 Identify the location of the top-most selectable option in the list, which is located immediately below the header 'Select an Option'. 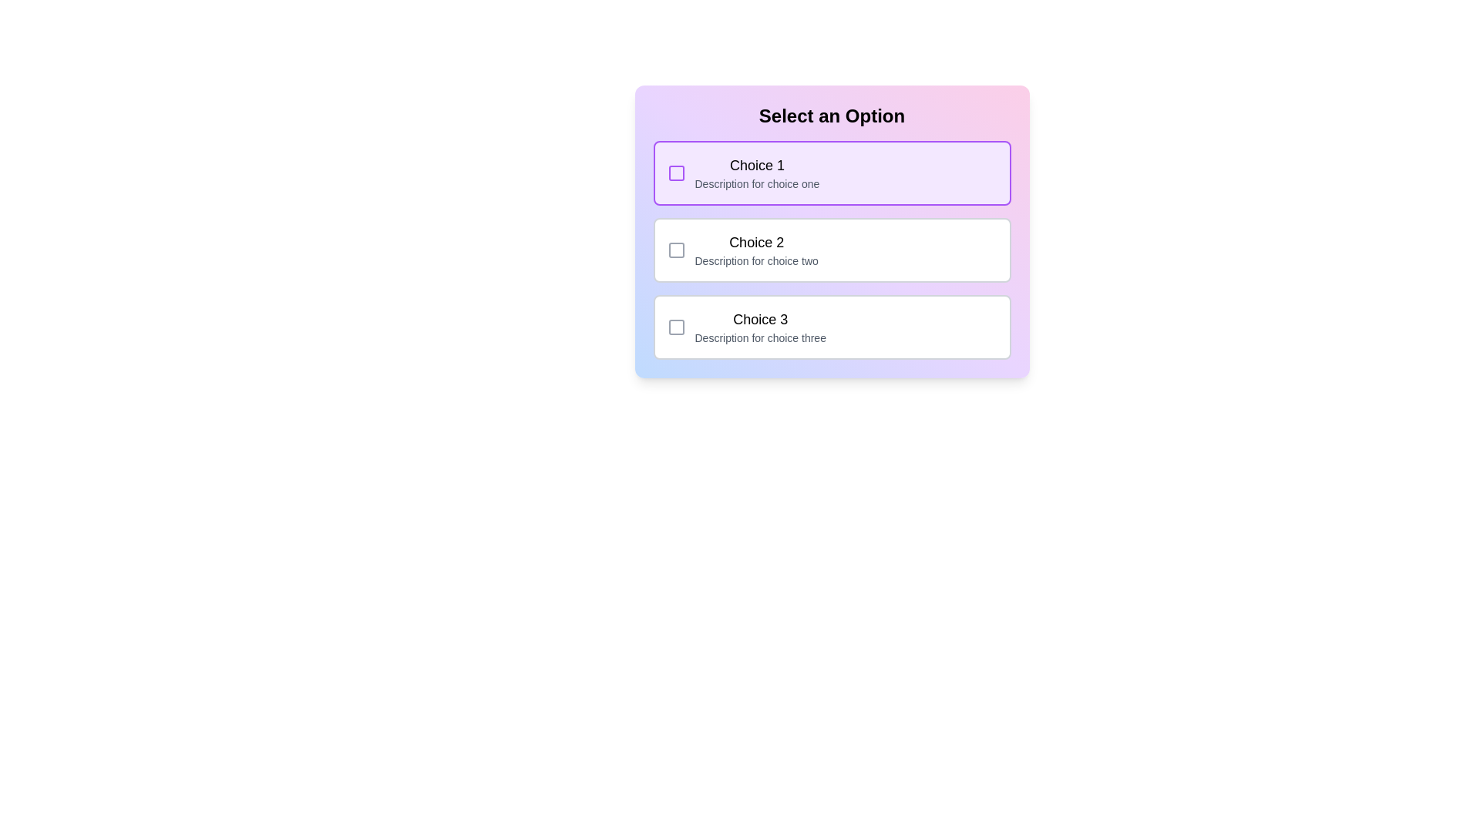
(757, 173).